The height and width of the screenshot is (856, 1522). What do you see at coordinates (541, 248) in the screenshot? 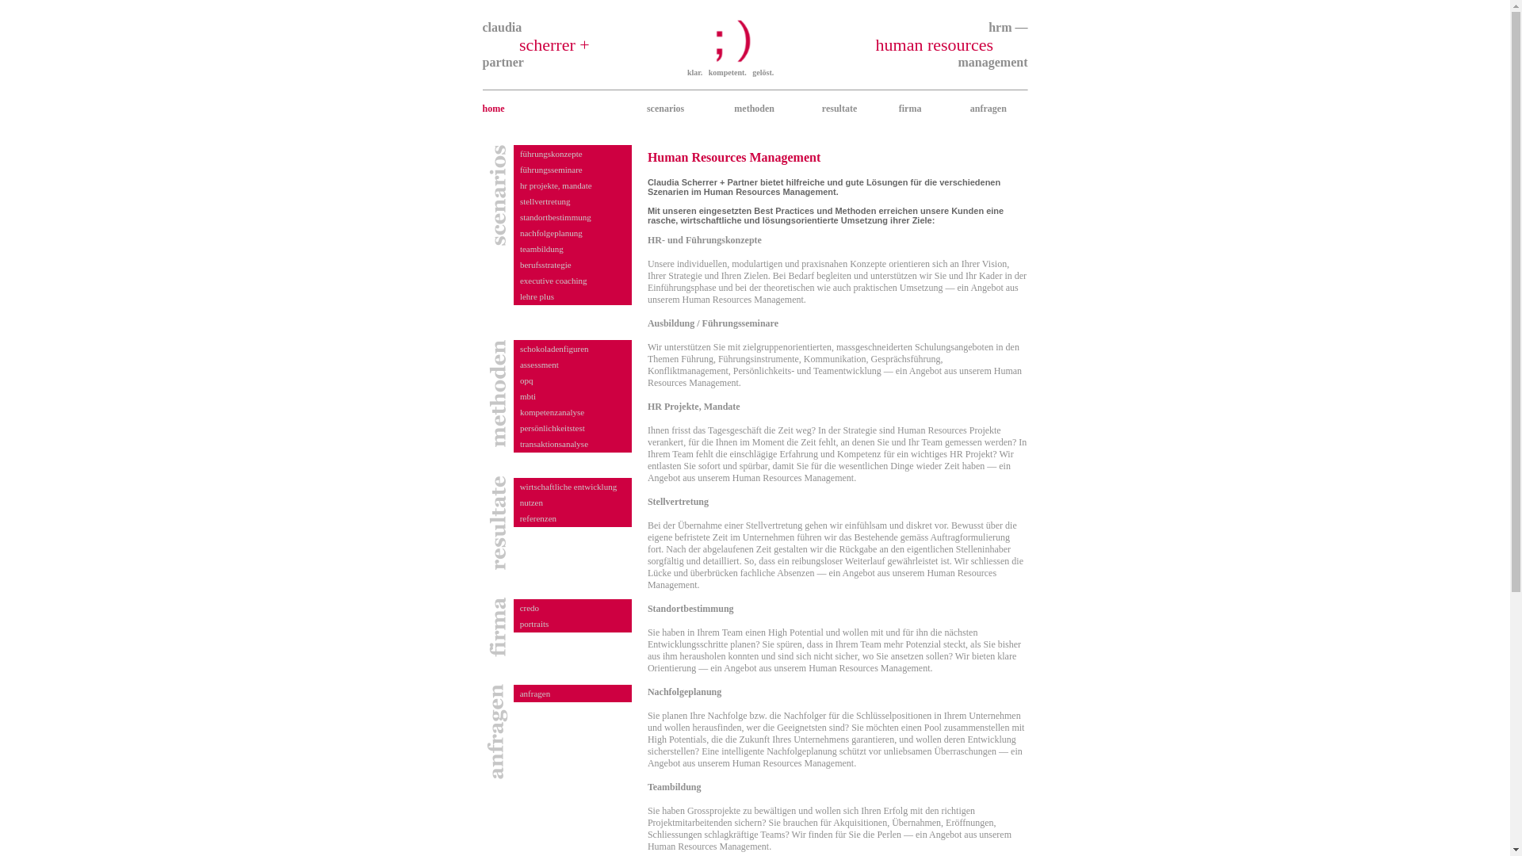
I see `'teambildung'` at bounding box center [541, 248].